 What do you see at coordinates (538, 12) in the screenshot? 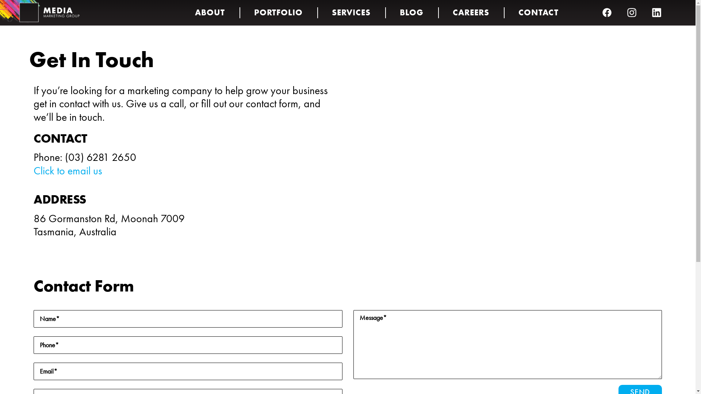
I see `'CONTACT'` at bounding box center [538, 12].